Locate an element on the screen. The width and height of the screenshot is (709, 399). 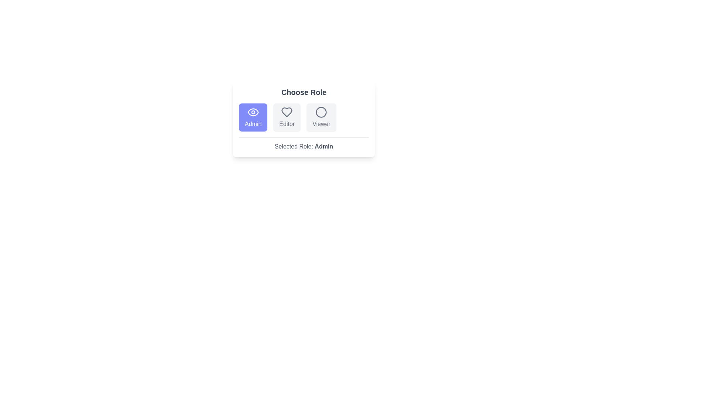
the 'Editor' text label, which is styled in gray and positioned centrally below a heart icon in the 'Choose Role' selection group is located at coordinates (287, 123).